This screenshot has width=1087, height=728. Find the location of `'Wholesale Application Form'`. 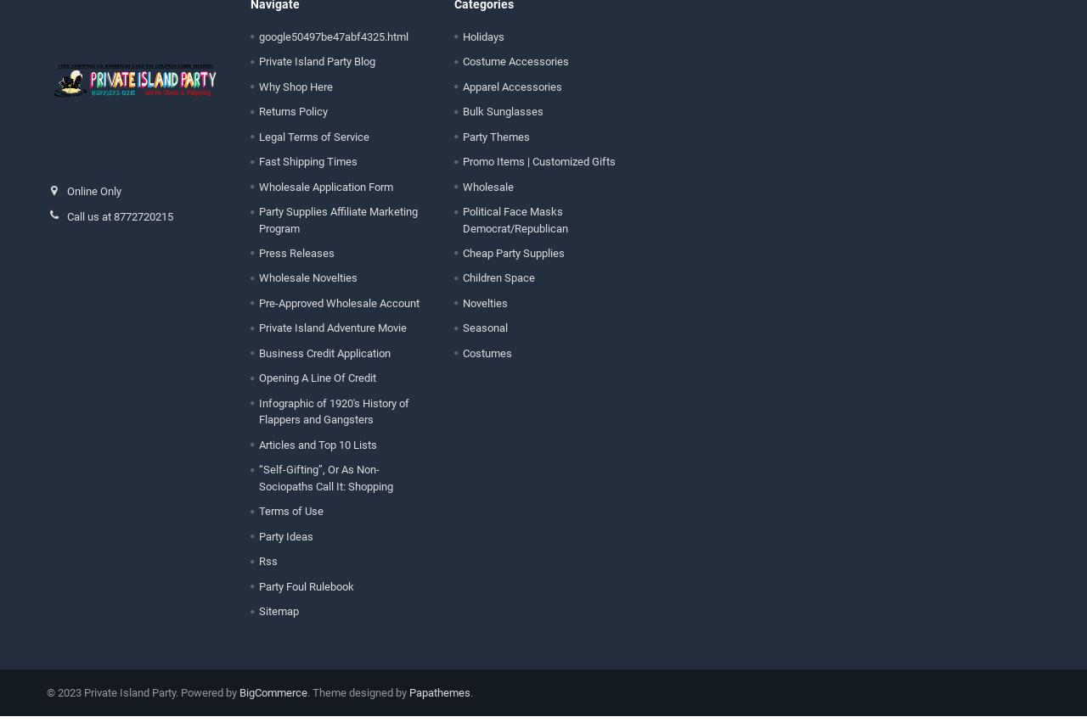

'Wholesale Application Form' is located at coordinates (257, 197).